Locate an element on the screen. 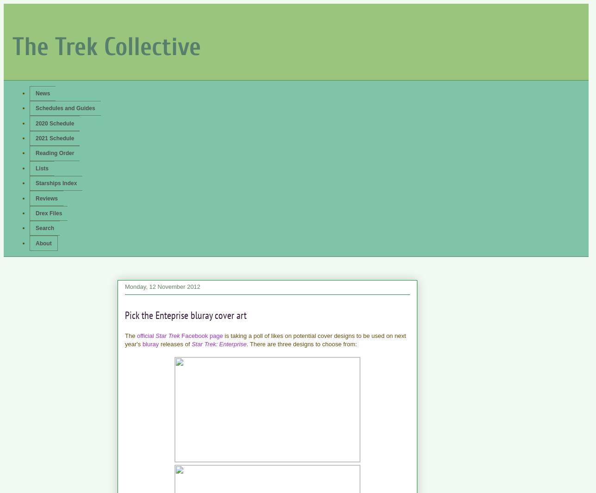  'Schedules and Guides' is located at coordinates (36, 107).